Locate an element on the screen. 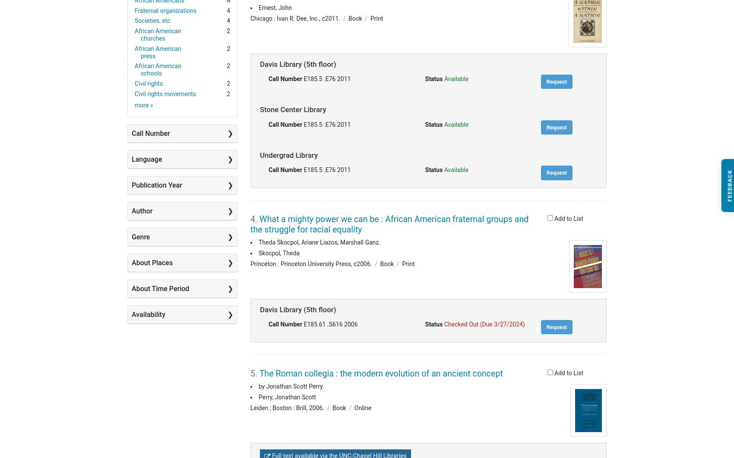 The image size is (734, 458). 'Fraternal organizations' is located at coordinates (134, 10).